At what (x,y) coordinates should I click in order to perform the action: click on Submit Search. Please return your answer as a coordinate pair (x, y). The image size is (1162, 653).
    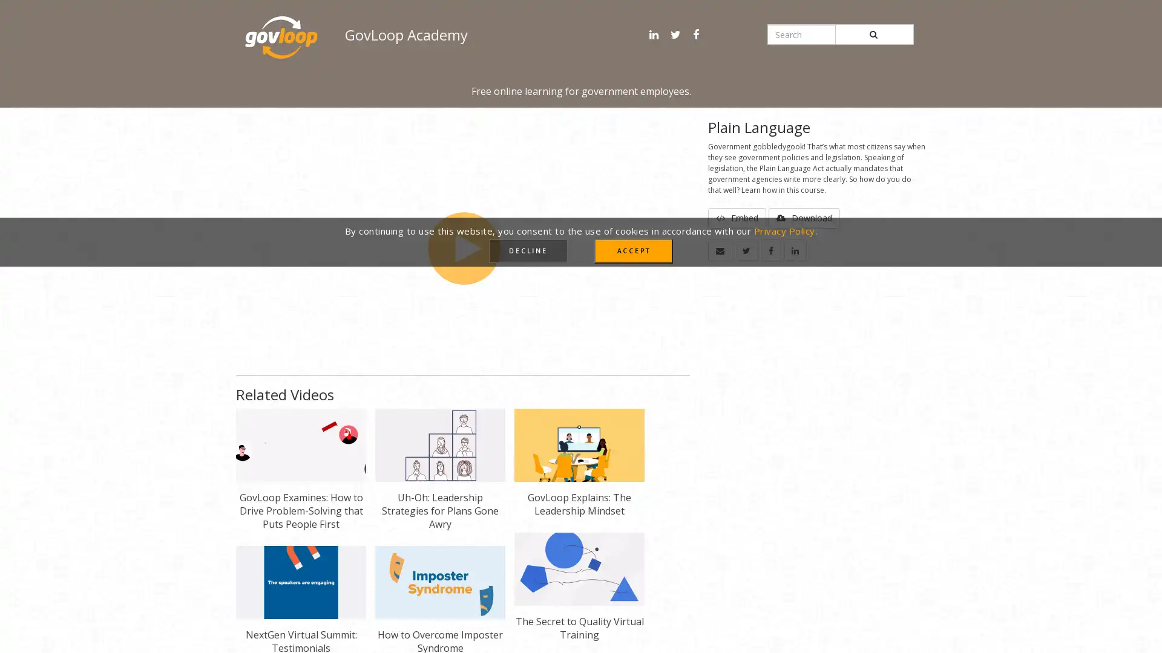
    Looking at the image, I should click on (874, 34).